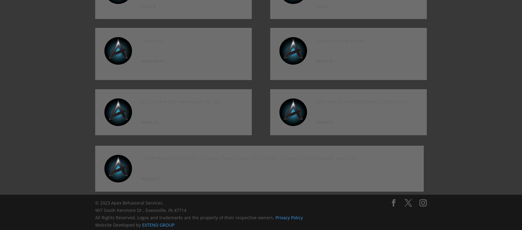 This screenshot has height=230, width=522. Describe the element at coordinates (249, 158) in the screenshot. I see `'I think Michaela and Katelin are great. They are both very reliable. Eli seems to like them both very much.'` at that location.